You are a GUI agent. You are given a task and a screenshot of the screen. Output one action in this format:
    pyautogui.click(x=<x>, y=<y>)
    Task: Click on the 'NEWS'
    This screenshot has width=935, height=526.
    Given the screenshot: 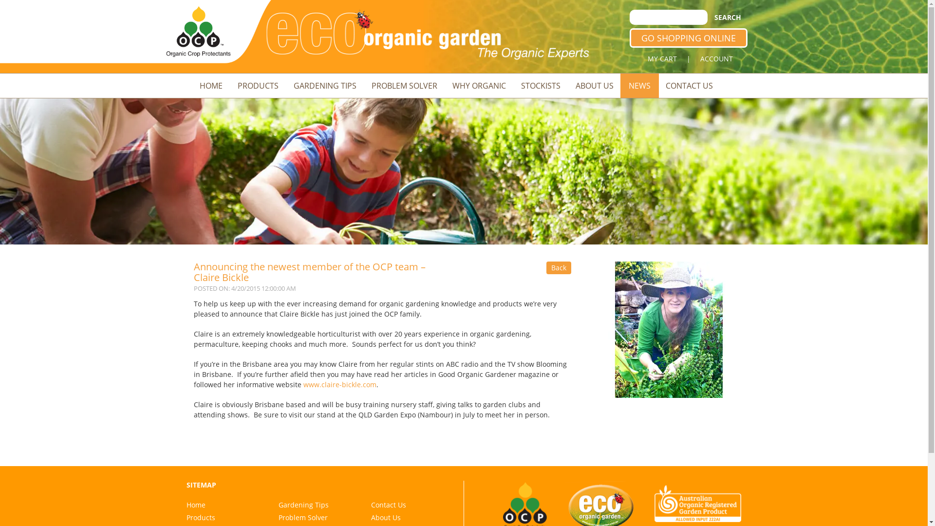 What is the action you would take?
    pyautogui.click(x=639, y=85)
    